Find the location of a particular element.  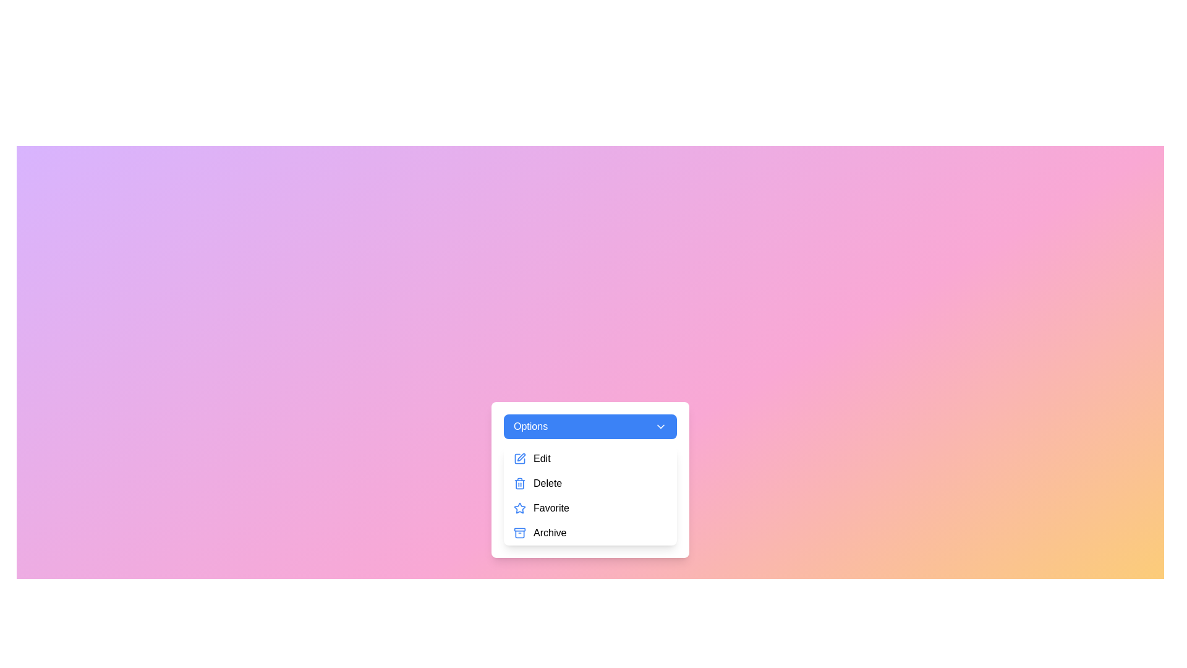

the 'Options' button to toggle the dropdown menu visibility is located at coordinates (590, 426).